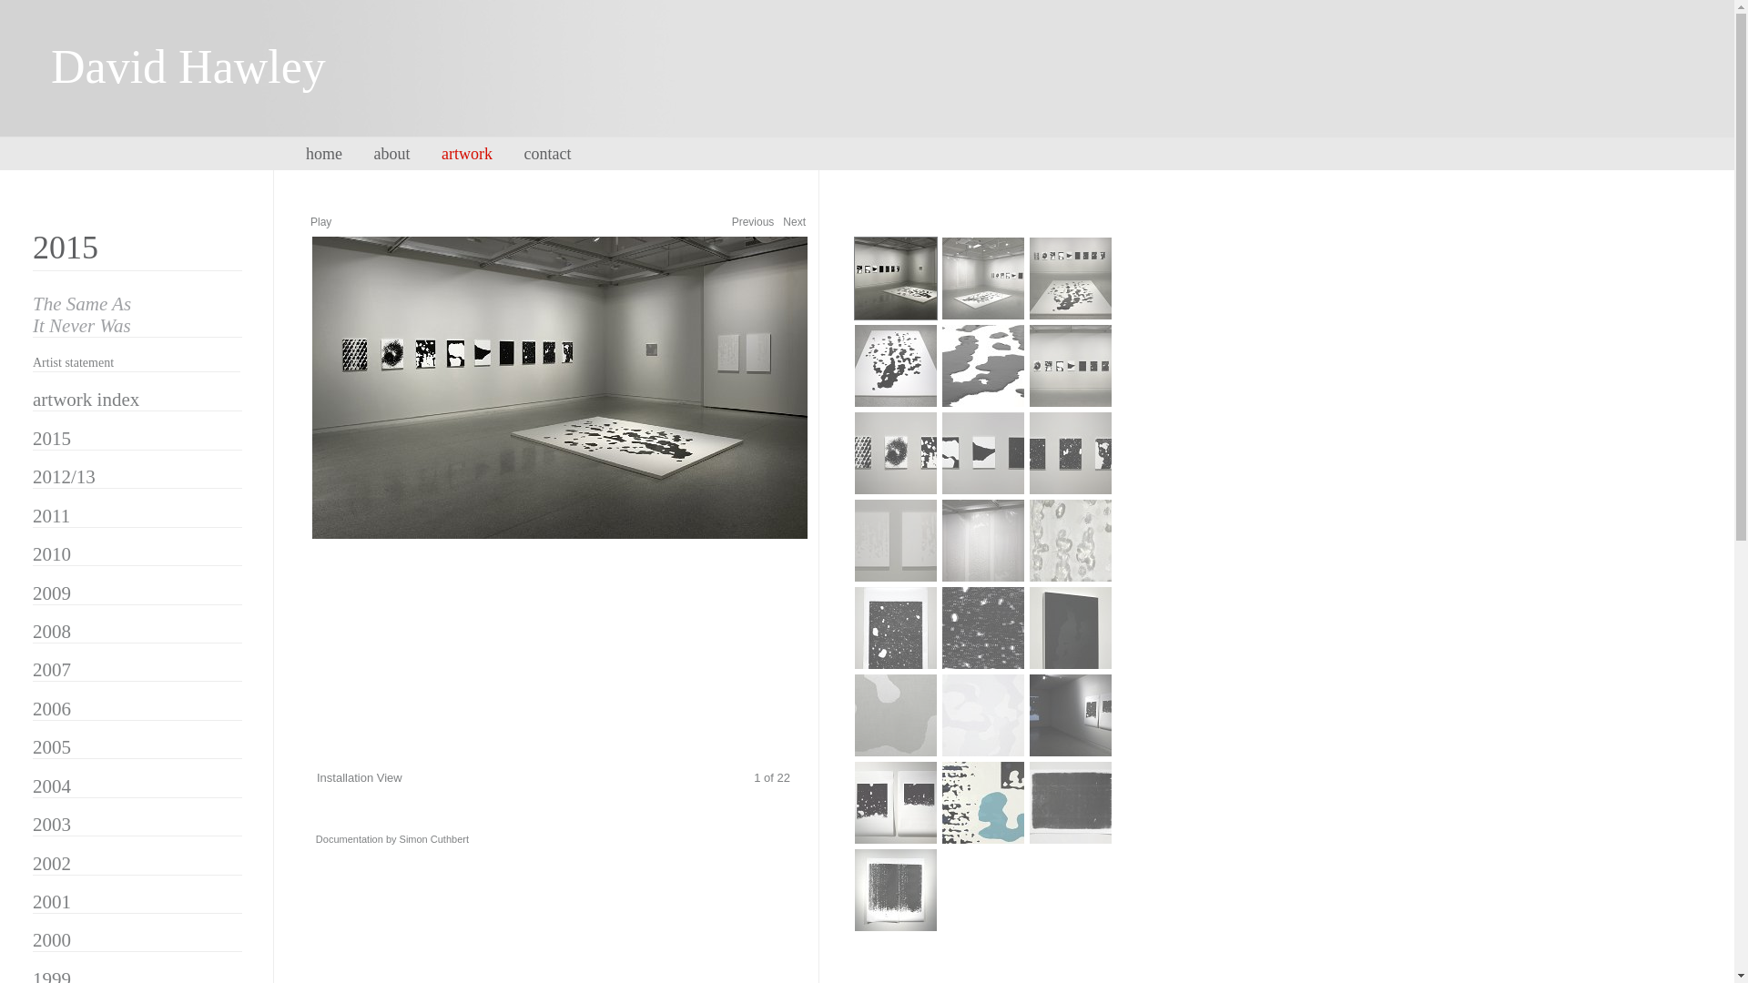 This screenshot has width=1748, height=983. What do you see at coordinates (52, 631) in the screenshot?
I see `'2008'` at bounding box center [52, 631].